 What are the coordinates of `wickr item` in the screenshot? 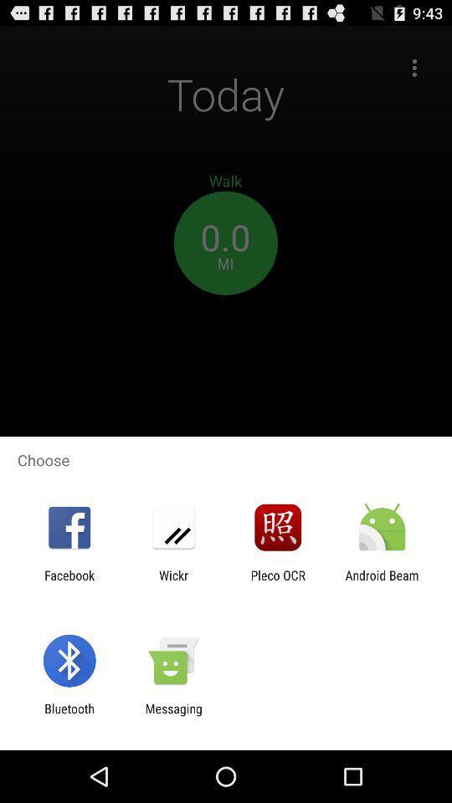 It's located at (172, 582).